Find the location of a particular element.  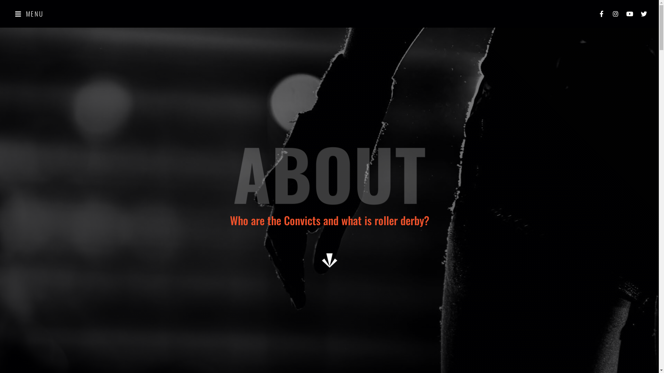

'Instagram' is located at coordinates (616, 13).